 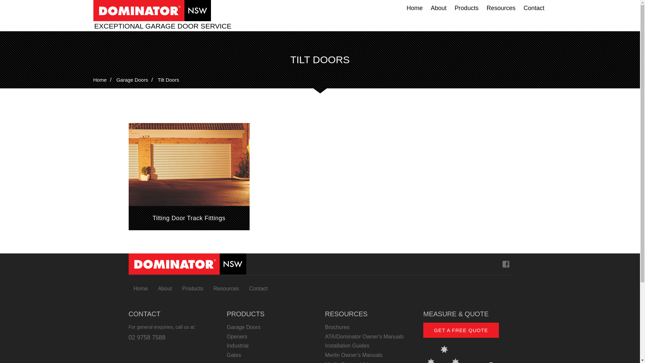 What do you see at coordinates (140, 288) in the screenshot?
I see `'Home'` at bounding box center [140, 288].